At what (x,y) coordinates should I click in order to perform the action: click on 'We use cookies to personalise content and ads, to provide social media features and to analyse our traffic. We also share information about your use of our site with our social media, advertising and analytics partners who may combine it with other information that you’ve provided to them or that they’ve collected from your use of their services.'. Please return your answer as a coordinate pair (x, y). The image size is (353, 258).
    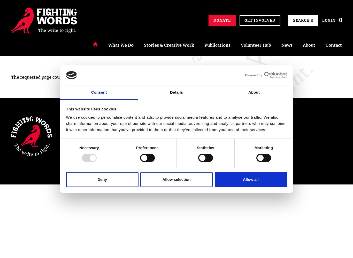
    Looking at the image, I should click on (175, 123).